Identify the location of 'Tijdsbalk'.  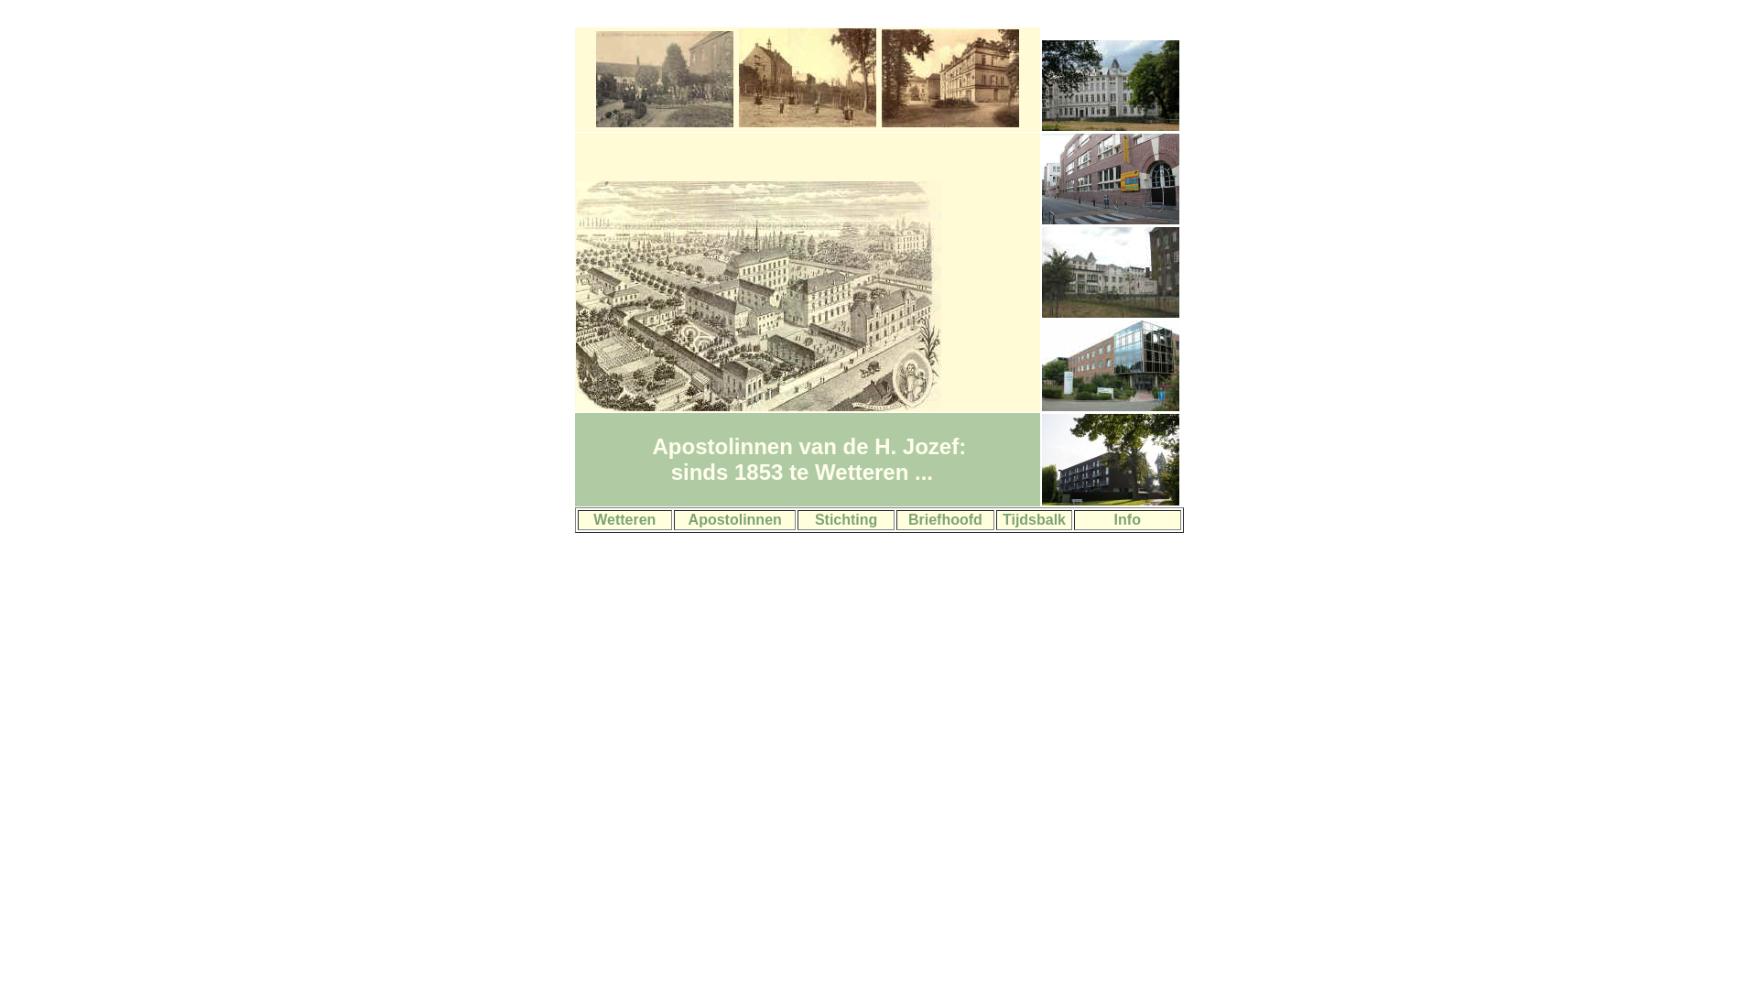
(1034, 519).